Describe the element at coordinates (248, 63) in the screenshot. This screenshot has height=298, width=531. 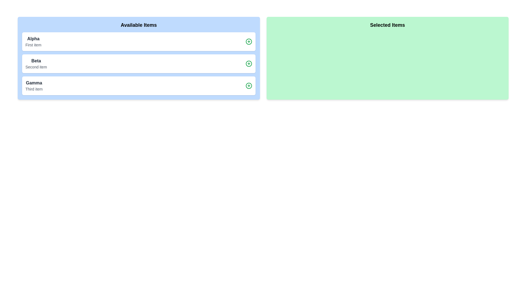
I see `plus button next to the item labeled Beta in the Available Items list` at that location.